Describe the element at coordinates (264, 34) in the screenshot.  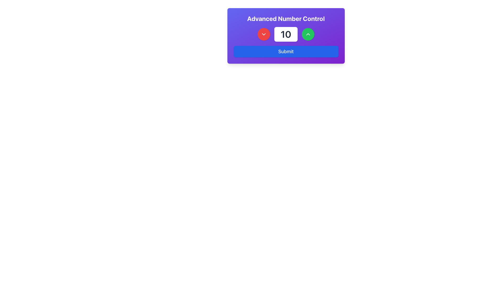
I see `the circular red button with a downward-facing arrow icon` at that location.